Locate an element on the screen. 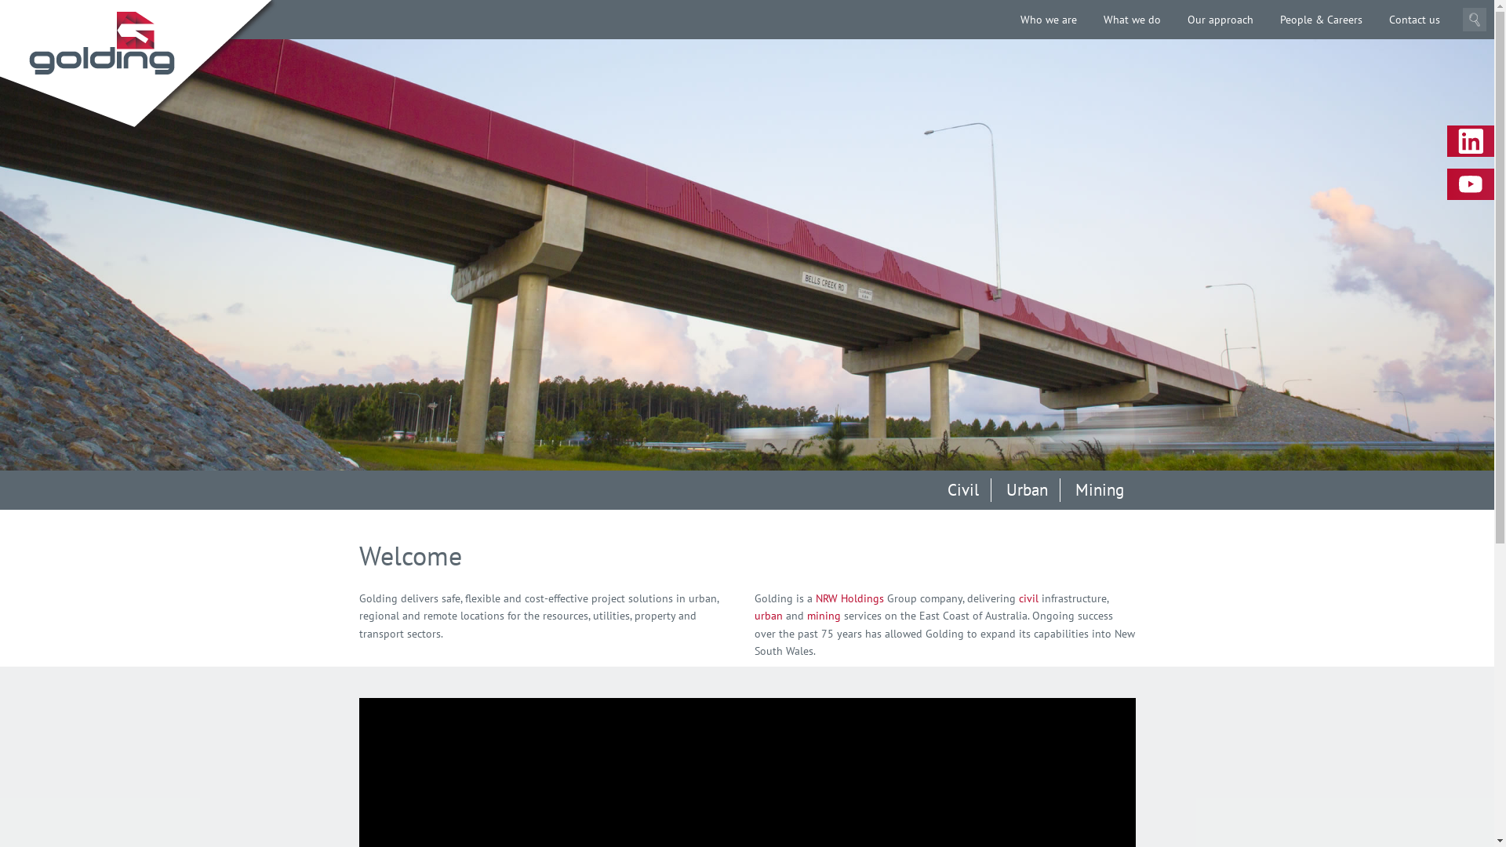 This screenshot has height=847, width=1506. 'civil' is located at coordinates (1028, 598).